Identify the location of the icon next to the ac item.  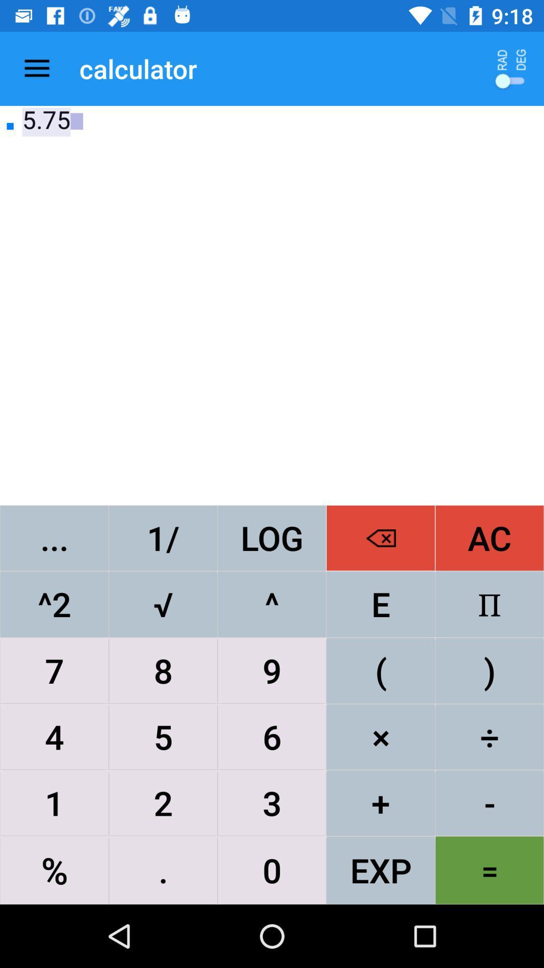
(381, 537).